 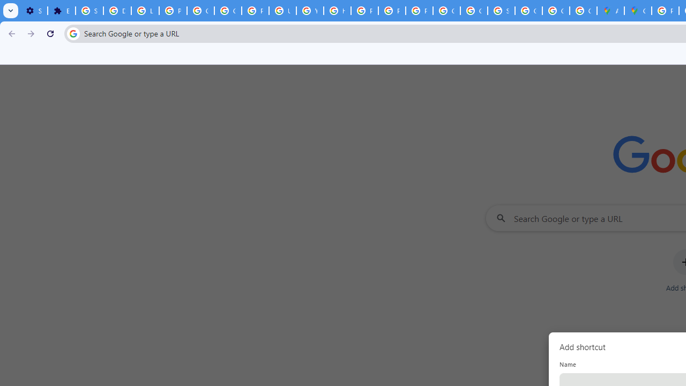 I want to click on 'Sign in - Google Accounts', so click(x=90, y=11).